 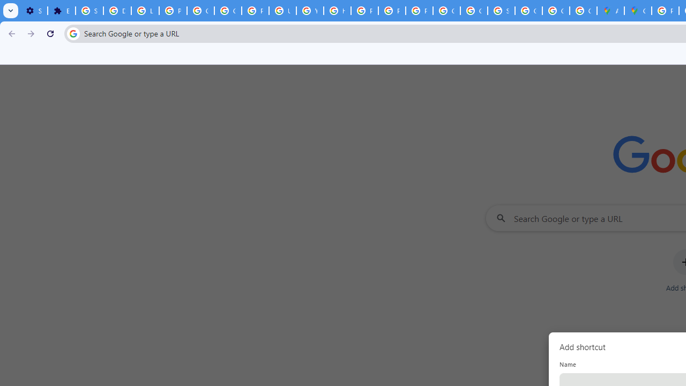 I want to click on 'Sign in - Google Accounts', so click(x=90, y=11).